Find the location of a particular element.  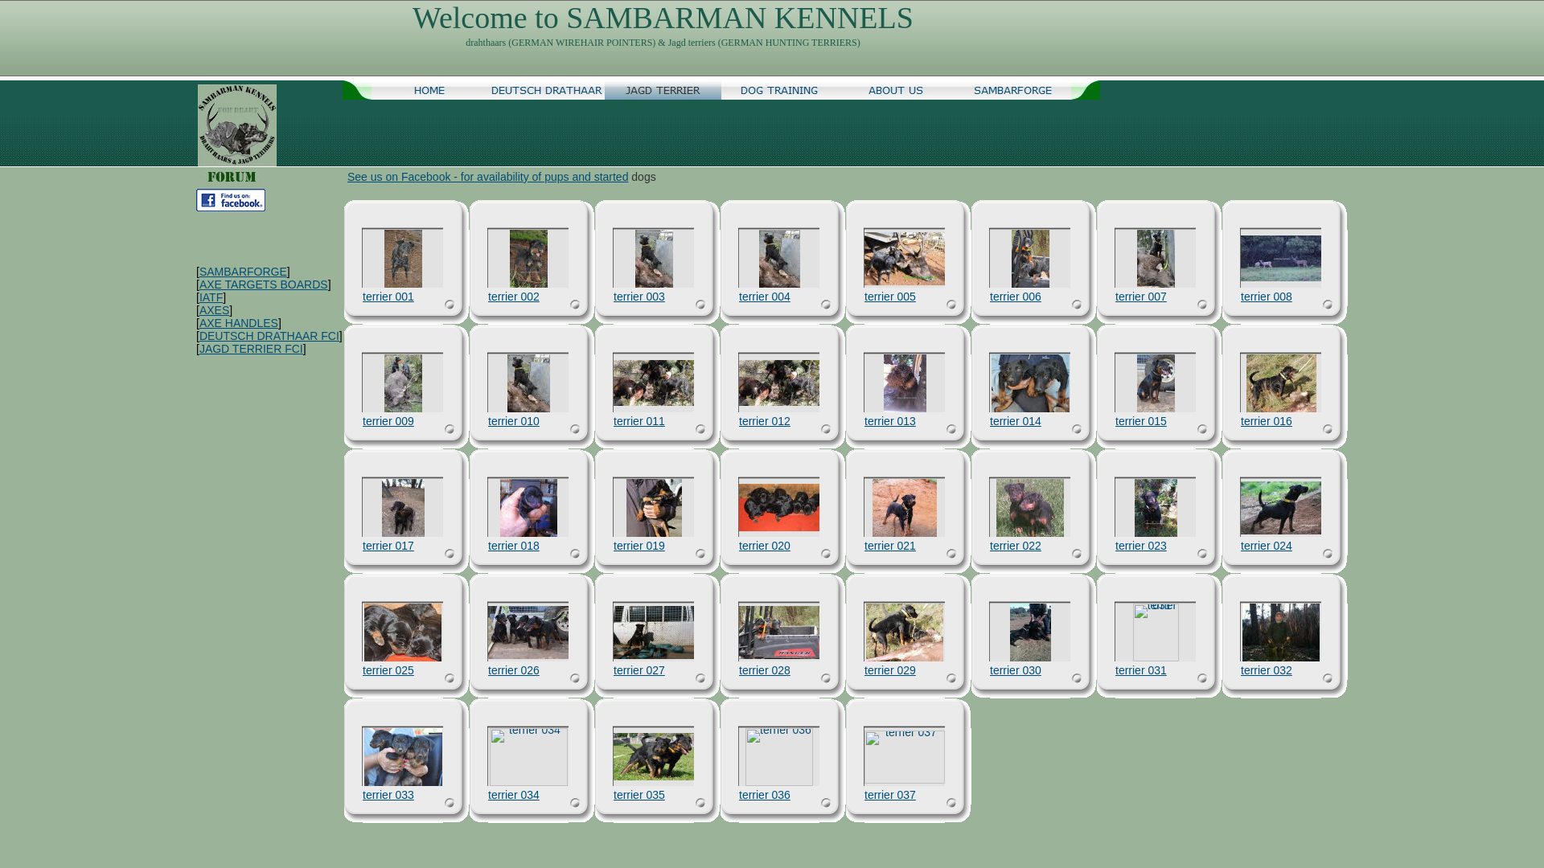

'terrier 017' is located at coordinates (402, 508).